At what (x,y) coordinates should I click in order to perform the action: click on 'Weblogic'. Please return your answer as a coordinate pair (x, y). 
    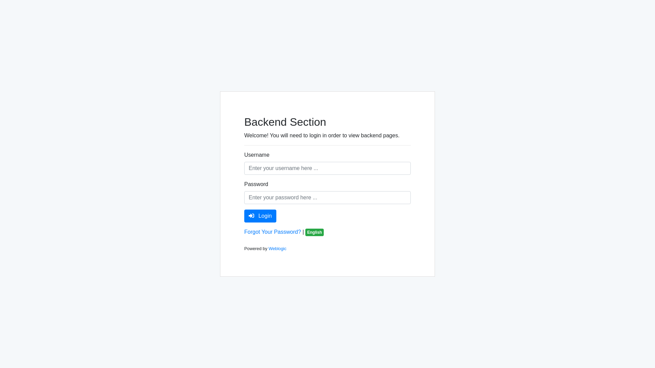
    Looking at the image, I should click on (268, 248).